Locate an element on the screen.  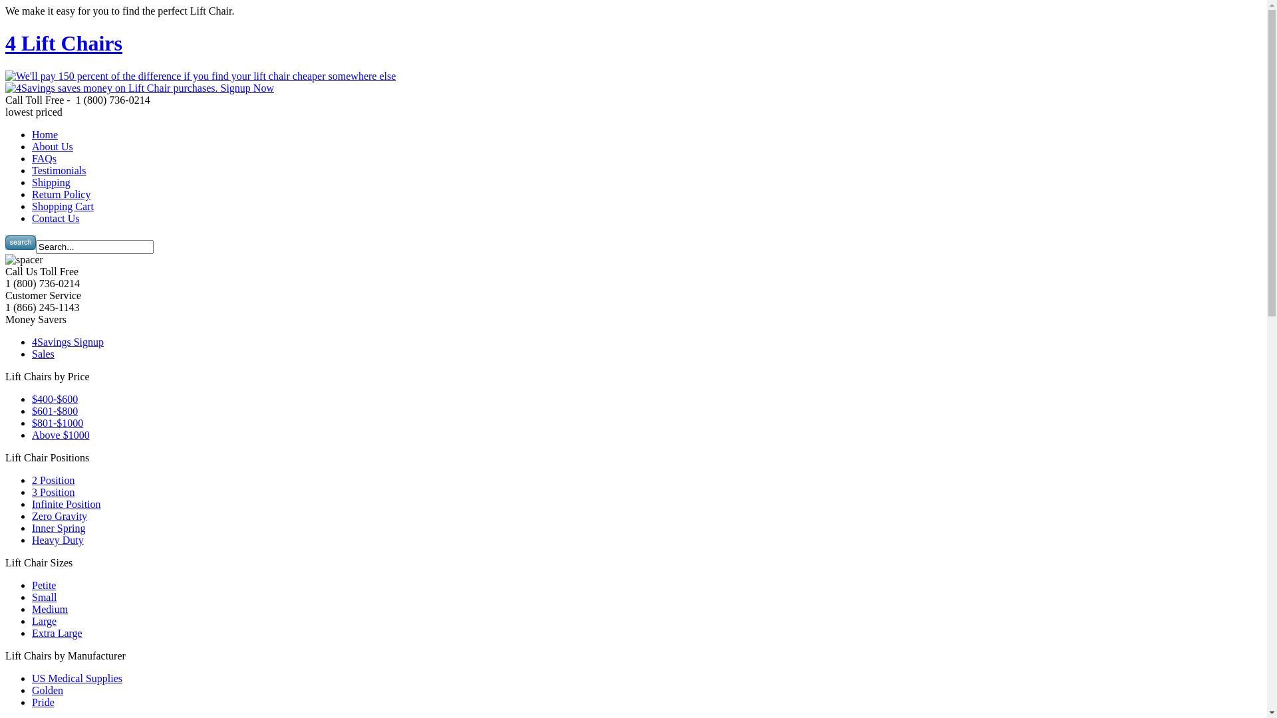
'Small' is located at coordinates (44, 596).